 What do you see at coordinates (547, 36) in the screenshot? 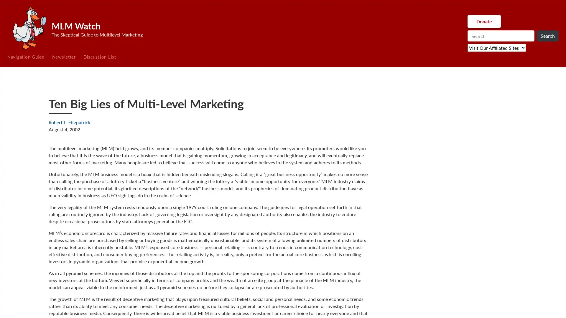
I see `Search` at bounding box center [547, 36].